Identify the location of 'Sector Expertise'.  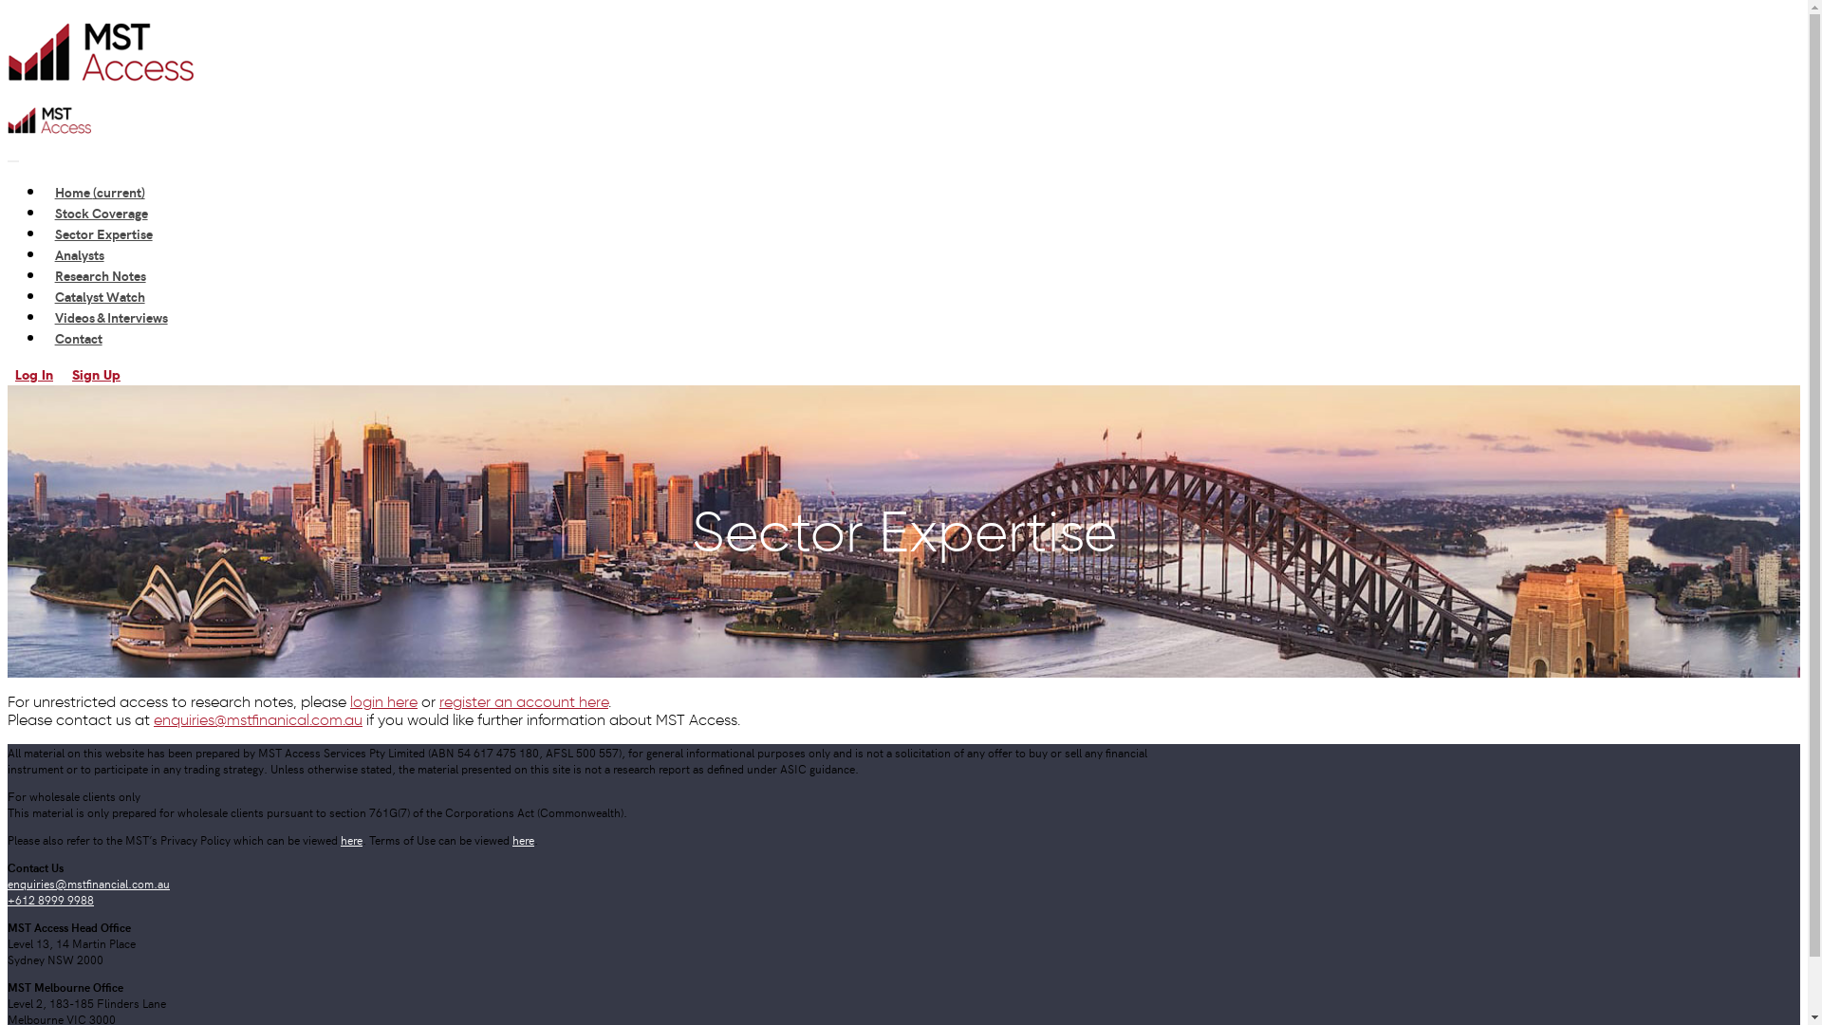
(102, 233).